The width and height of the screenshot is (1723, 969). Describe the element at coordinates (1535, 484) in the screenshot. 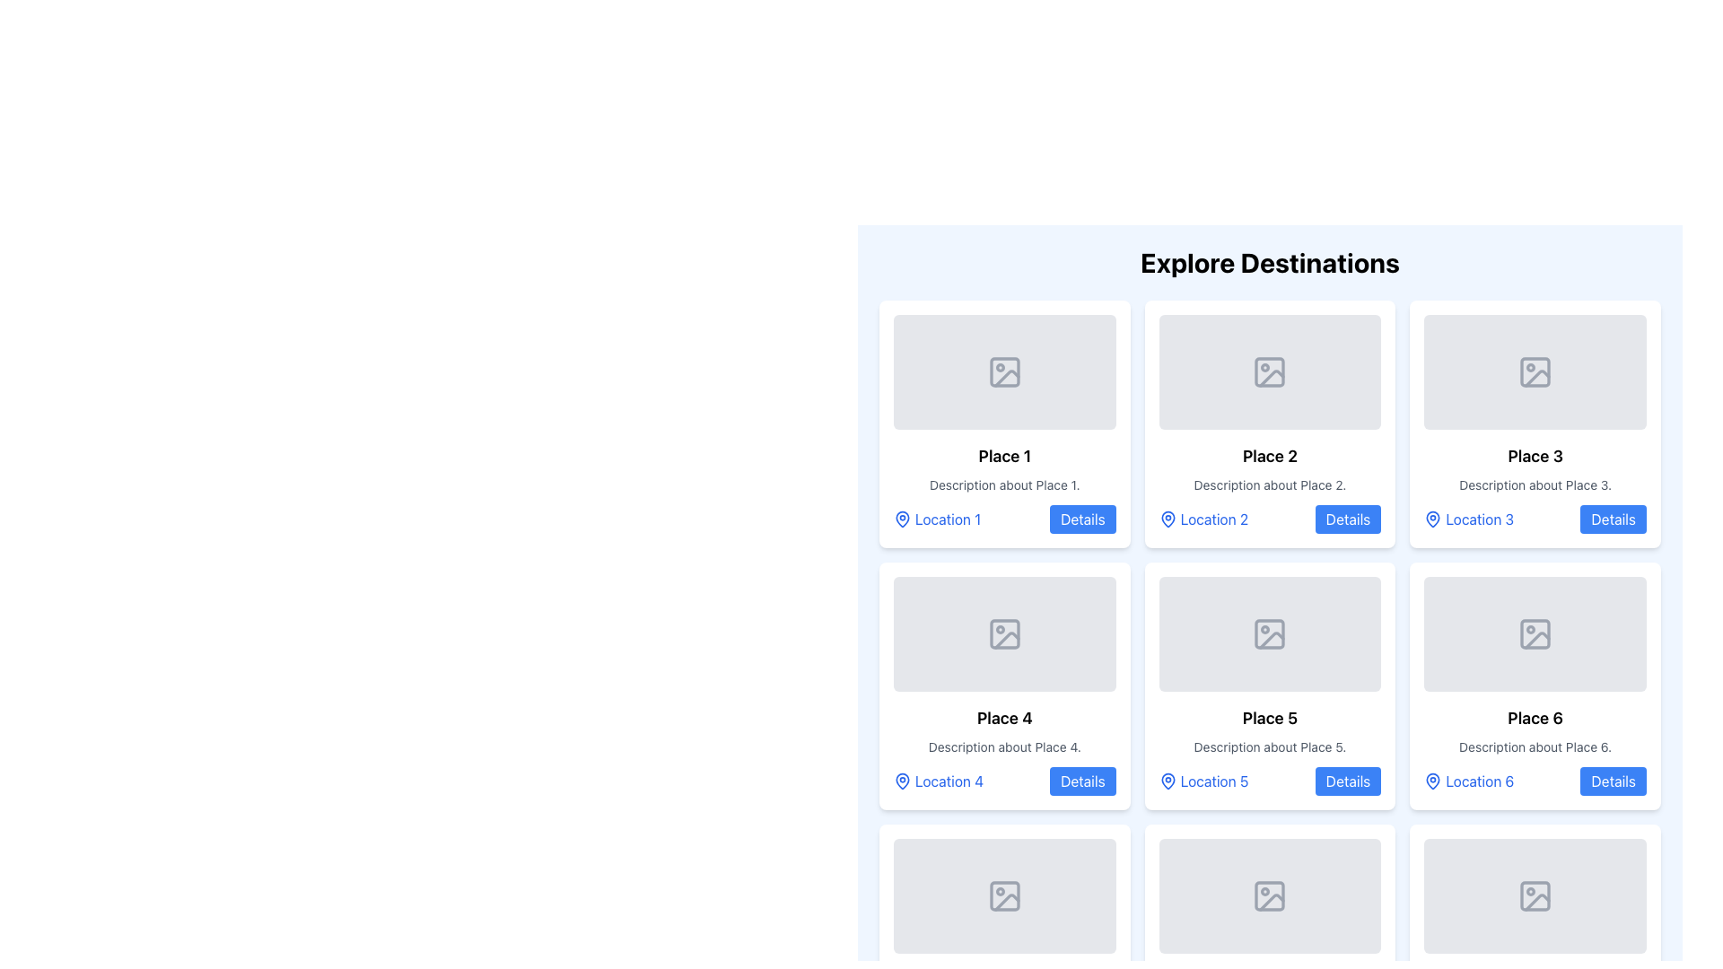

I see `the descriptive text element located below the title in the card labeled 'Place 3', which provides additional context about the place` at that location.